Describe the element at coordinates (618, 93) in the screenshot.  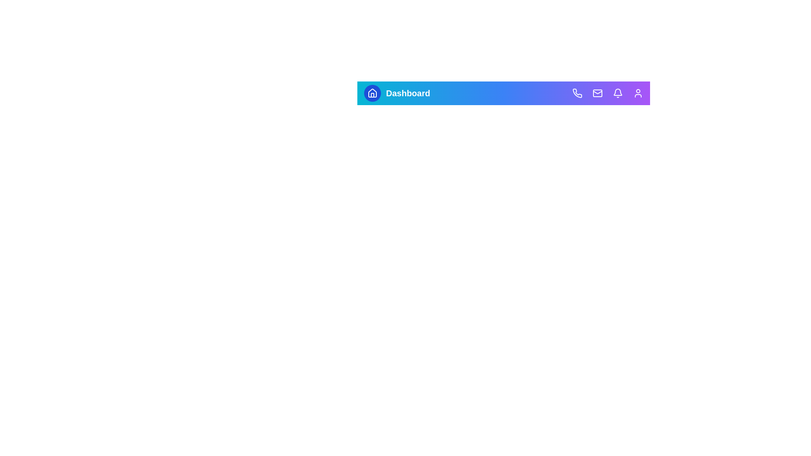
I see `the Bell icon to view its visual feedback` at that location.